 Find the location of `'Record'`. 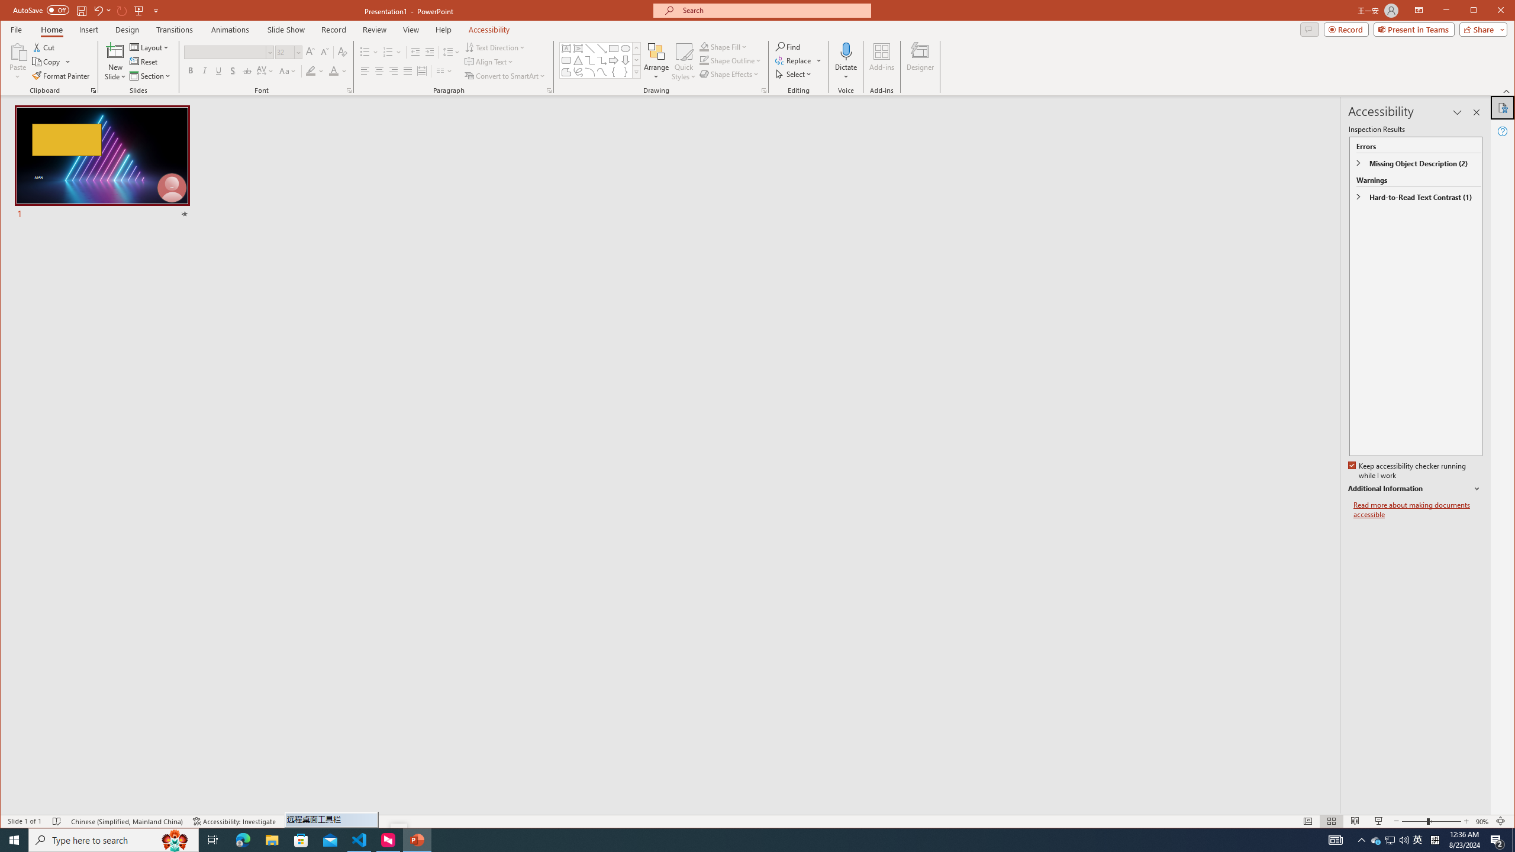

'Record' is located at coordinates (1346, 29).